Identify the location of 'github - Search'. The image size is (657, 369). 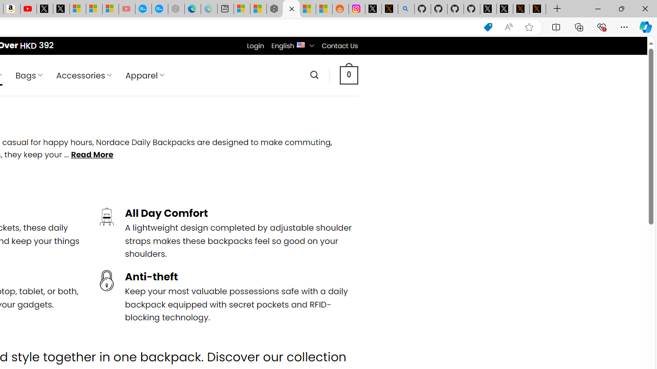
(405, 9).